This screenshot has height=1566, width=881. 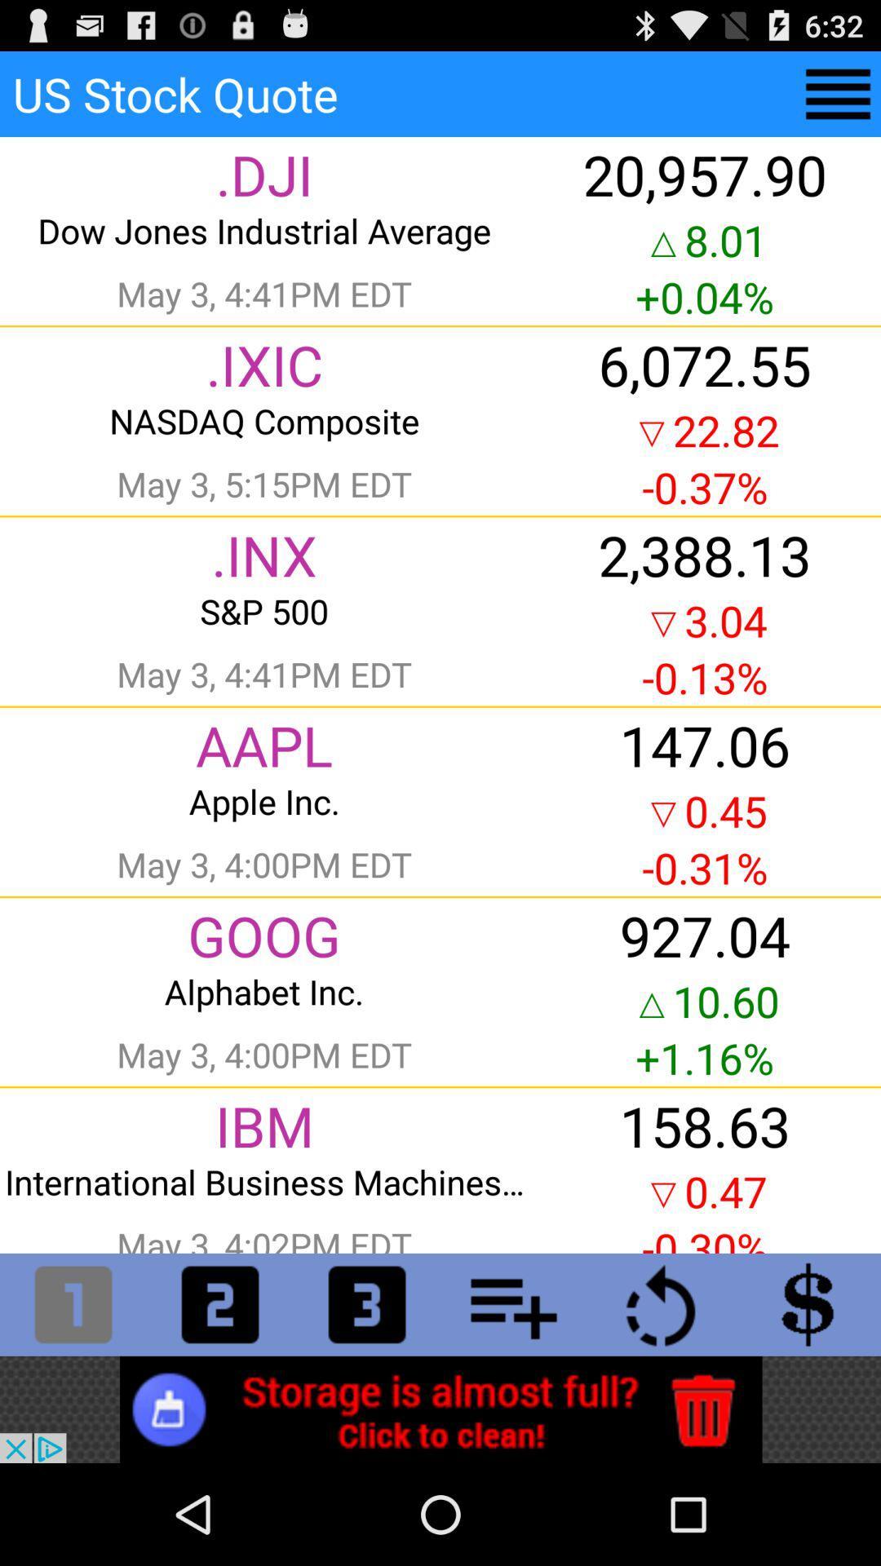 What do you see at coordinates (220, 1303) in the screenshot?
I see `number` at bounding box center [220, 1303].